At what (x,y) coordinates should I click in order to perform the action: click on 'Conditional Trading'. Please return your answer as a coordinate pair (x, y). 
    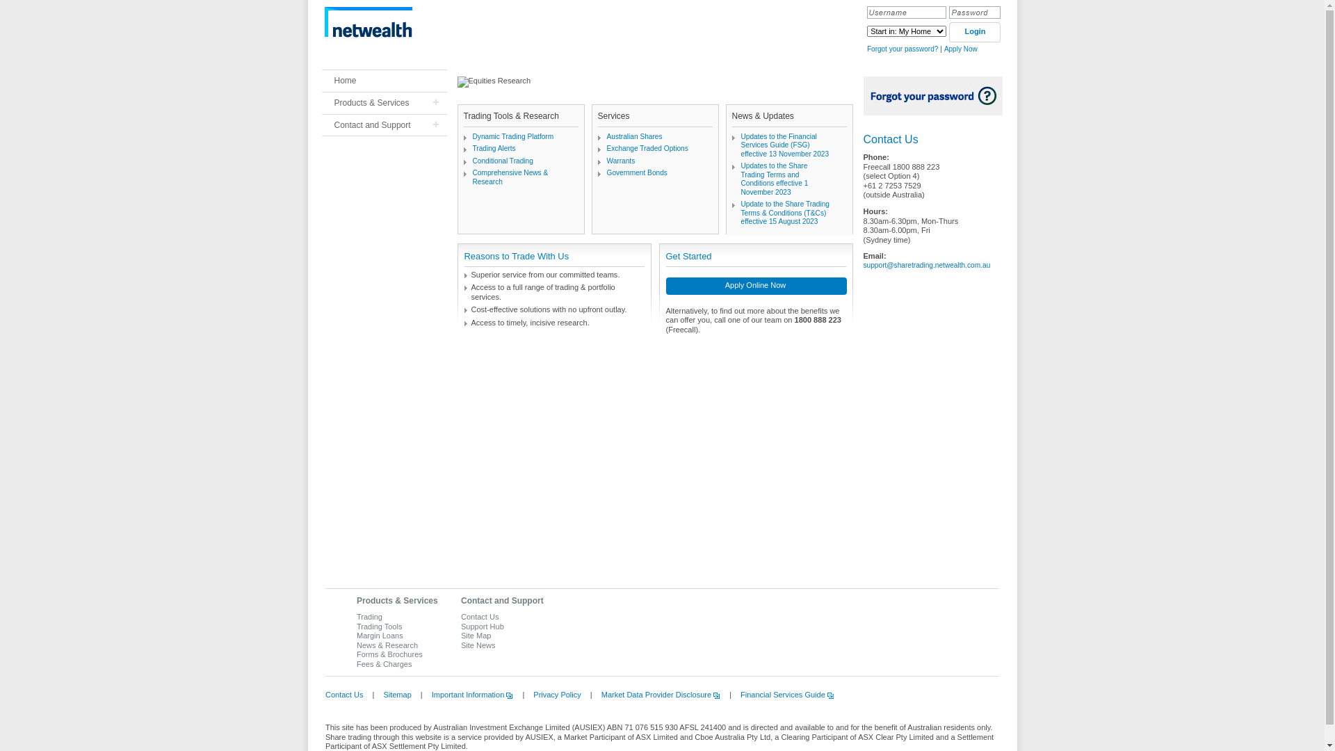
    Looking at the image, I should click on (473, 160).